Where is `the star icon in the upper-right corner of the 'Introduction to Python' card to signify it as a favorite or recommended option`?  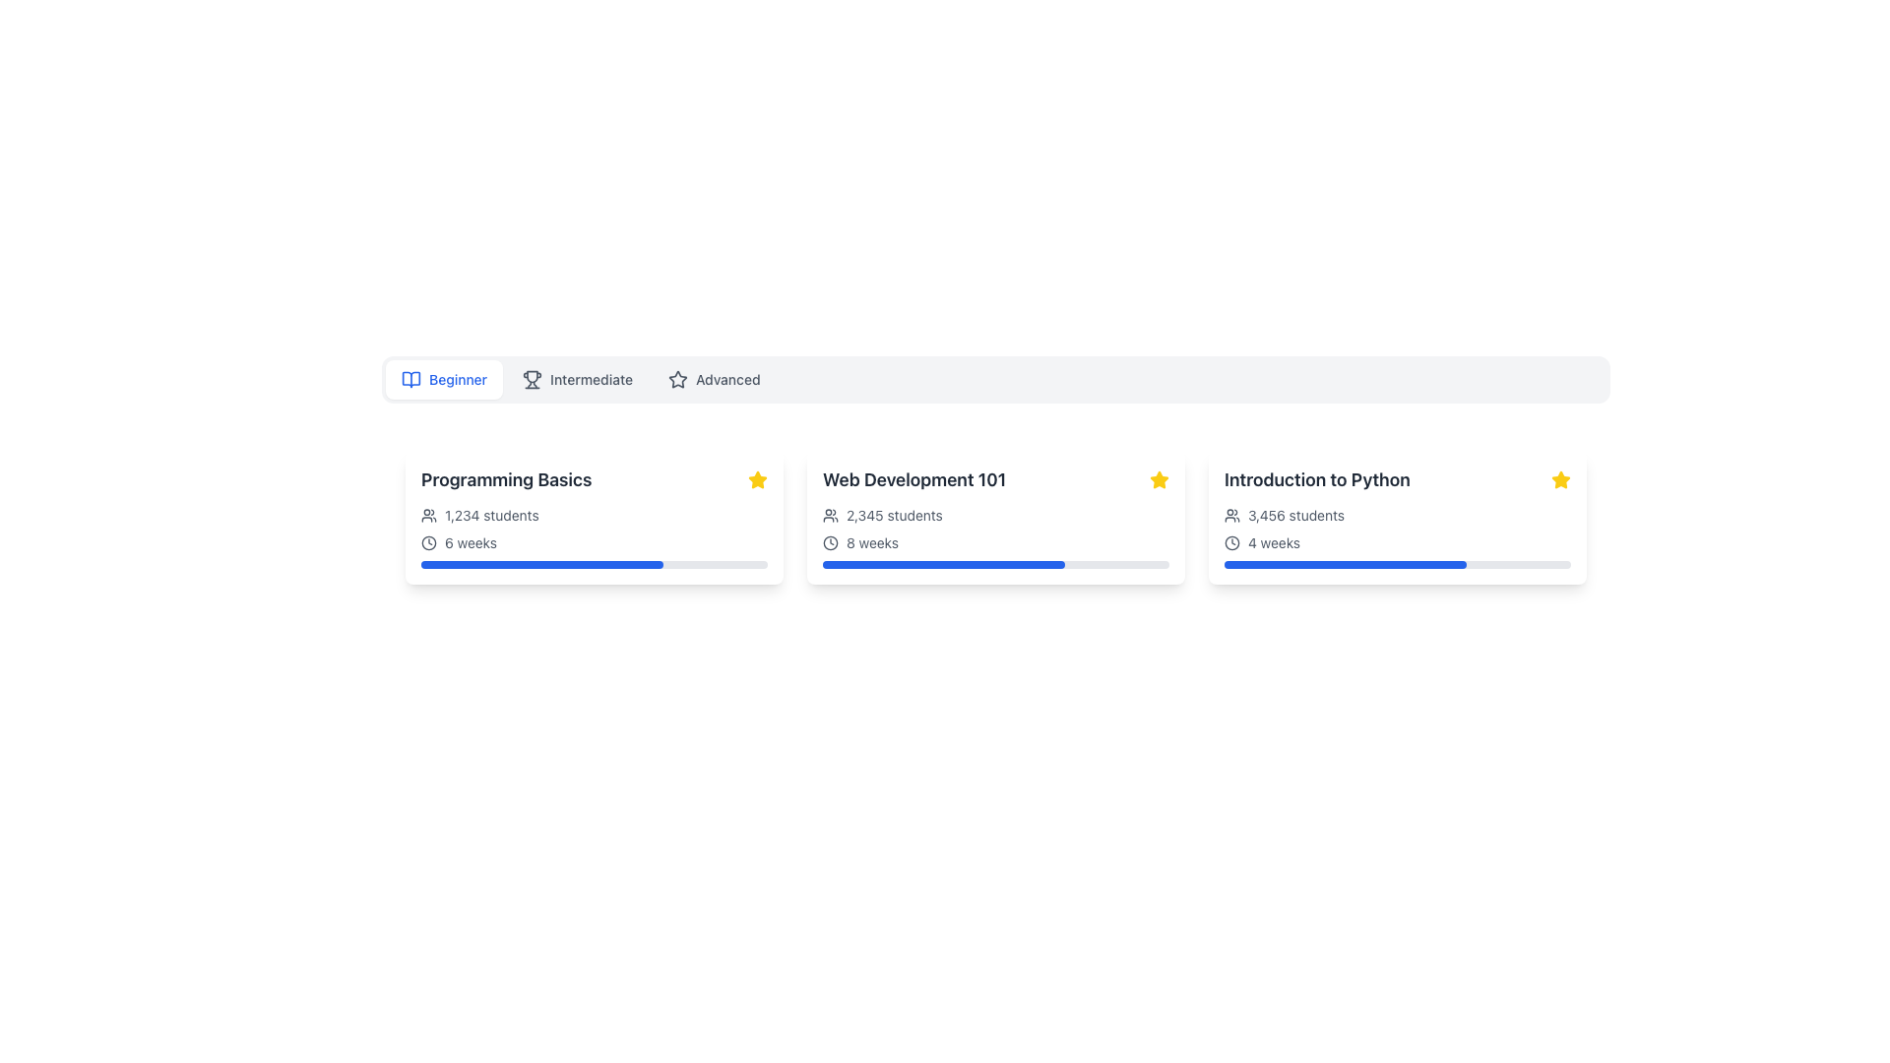 the star icon in the upper-right corner of the 'Introduction to Python' card to signify it as a favorite or recommended option is located at coordinates (1559, 480).